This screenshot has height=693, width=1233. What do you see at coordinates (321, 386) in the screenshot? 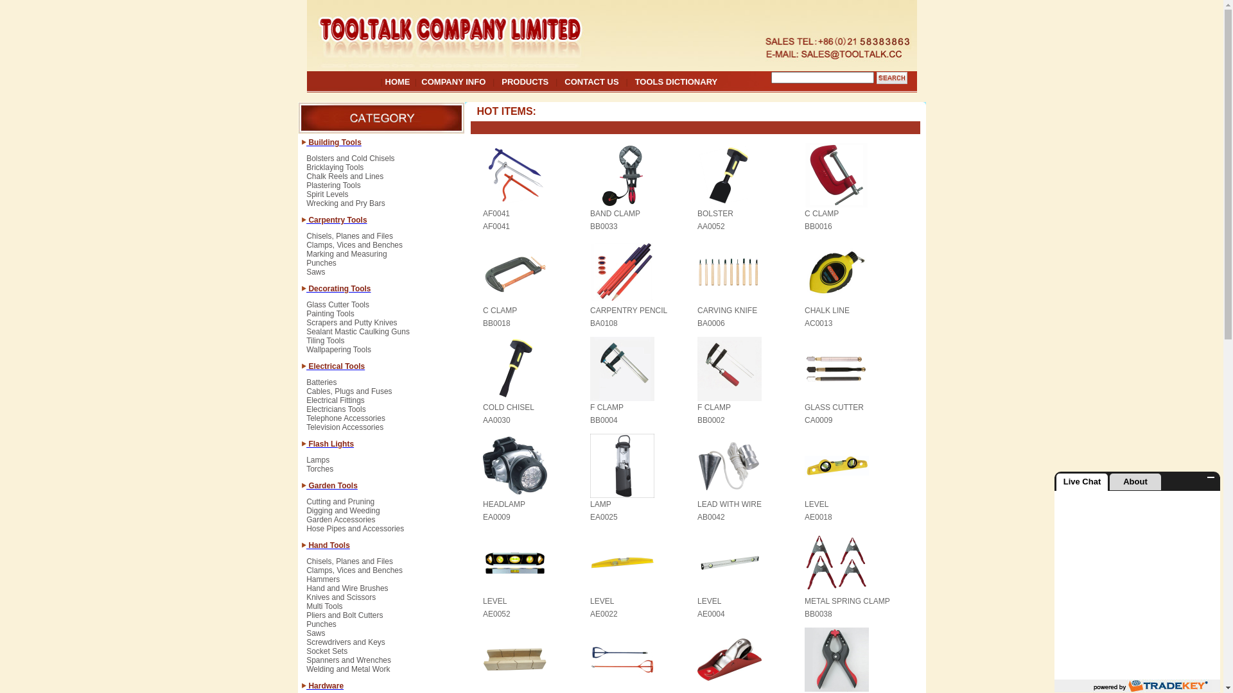
I see `'Batteries'` at bounding box center [321, 386].